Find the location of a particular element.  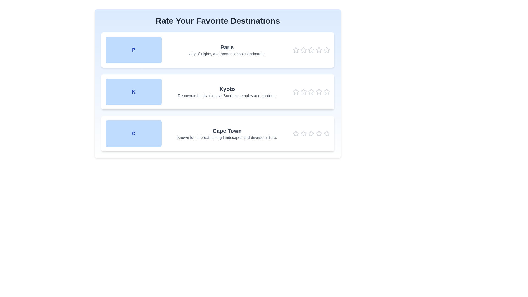

the text block displaying the heading 'Paris' and the subtitle 'City of Lights, and home to iconic landmarks.' This element is located in the first row of a card-based interface, below a blue box with the letter 'P' and above a row of stars for rating is located at coordinates (227, 50).